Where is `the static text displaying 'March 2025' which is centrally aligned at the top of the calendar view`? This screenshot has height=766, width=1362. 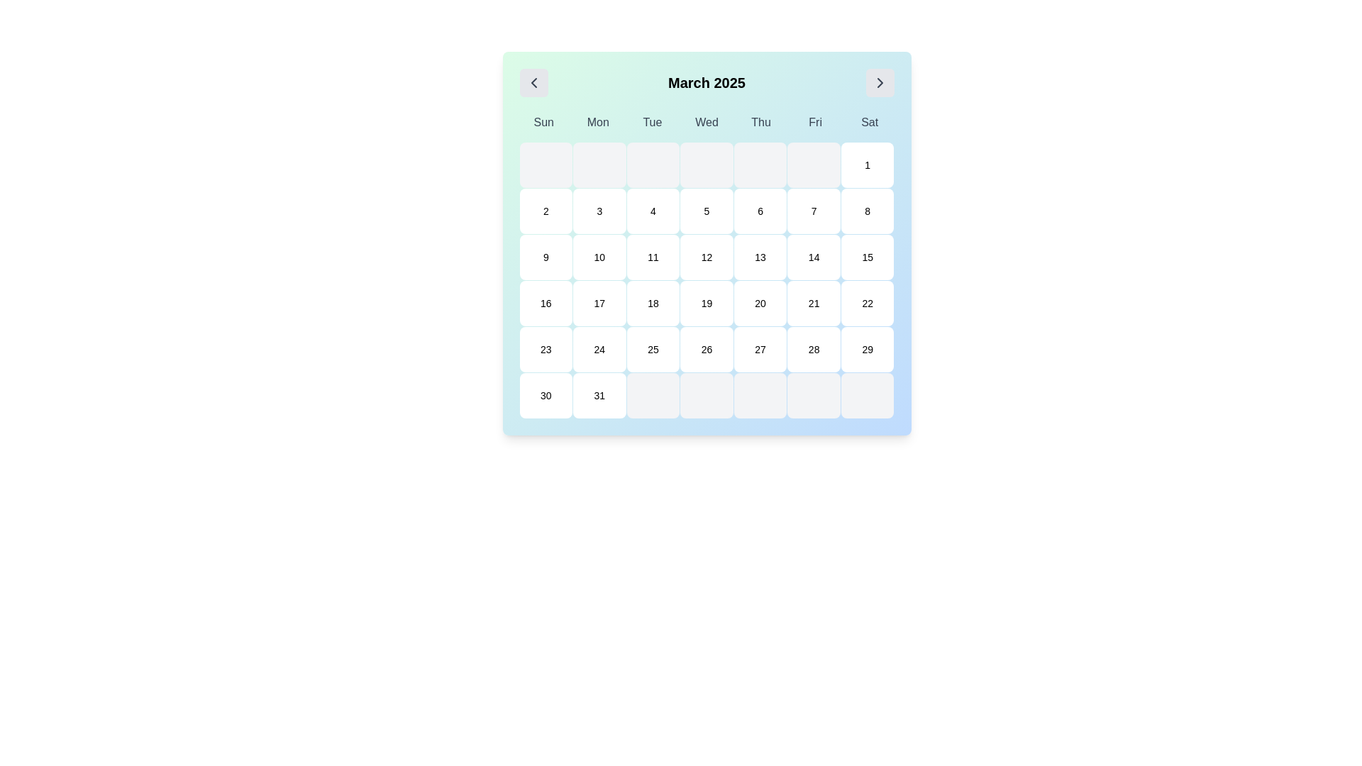 the static text displaying 'March 2025' which is centrally aligned at the top of the calendar view is located at coordinates (707, 82).